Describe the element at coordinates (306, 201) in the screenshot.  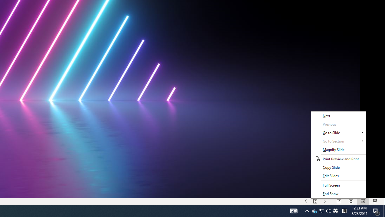
I see `'Slide Show Previous On'` at that location.